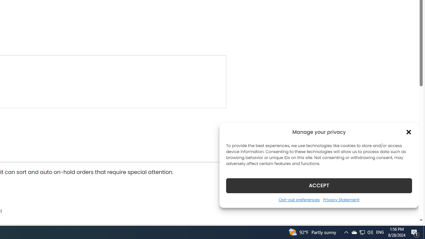 The height and width of the screenshot is (239, 425). I want to click on 'ACCEPT', so click(319, 185).